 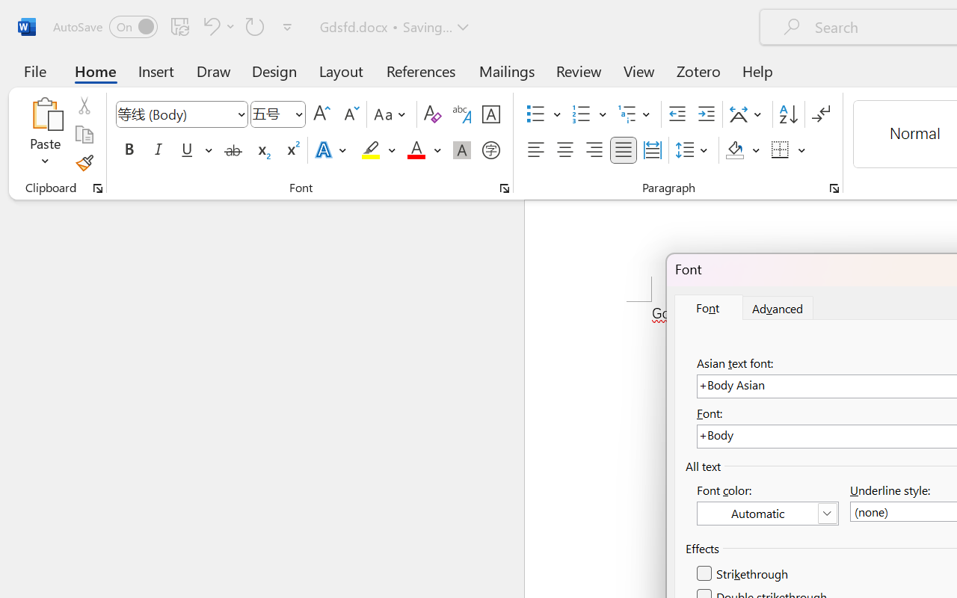 I want to click on 'Font Color Red', so click(x=416, y=150).